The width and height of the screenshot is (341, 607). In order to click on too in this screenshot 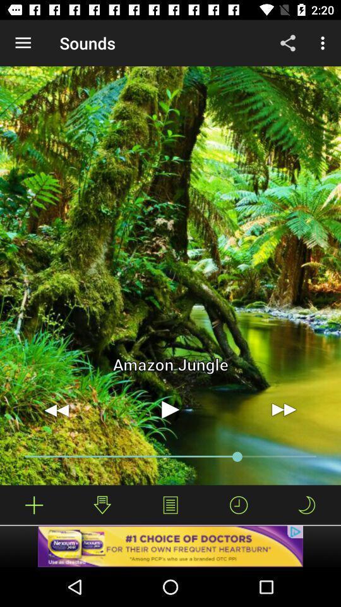, I will do `click(34, 505)`.